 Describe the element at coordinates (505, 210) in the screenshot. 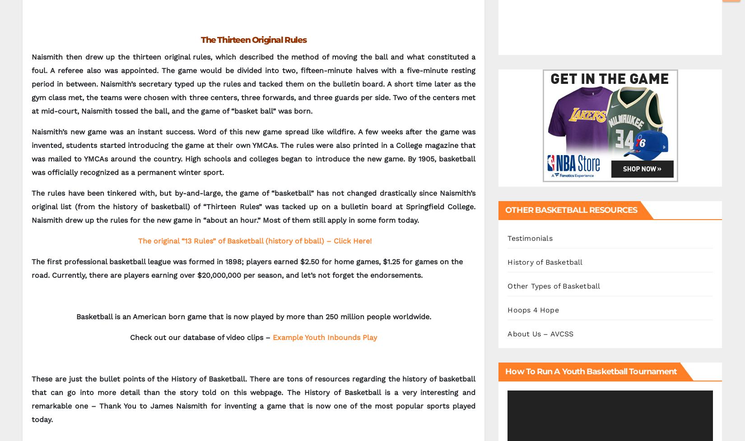

I see `'OTHER BASKETBALL RESOURCES'` at that location.